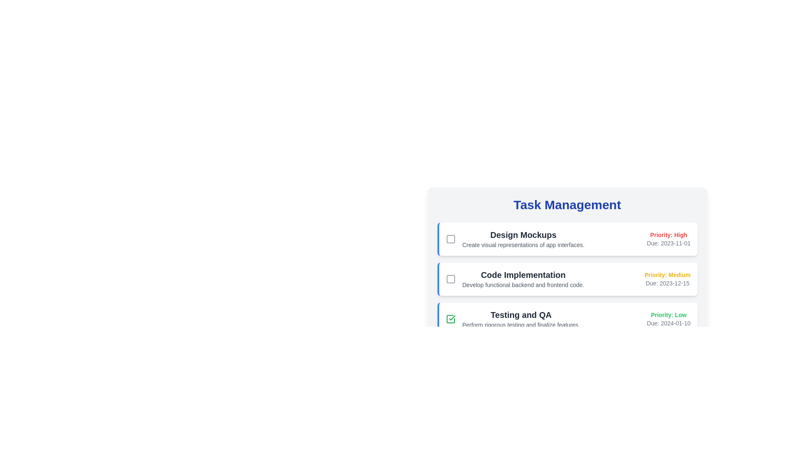 This screenshot has height=450, width=800. I want to click on the static label indicating 'Priority: Medium' located in the 'Code Implementation' task card, positioned above the 'Due: 2023-12-15' text, so click(667, 275).